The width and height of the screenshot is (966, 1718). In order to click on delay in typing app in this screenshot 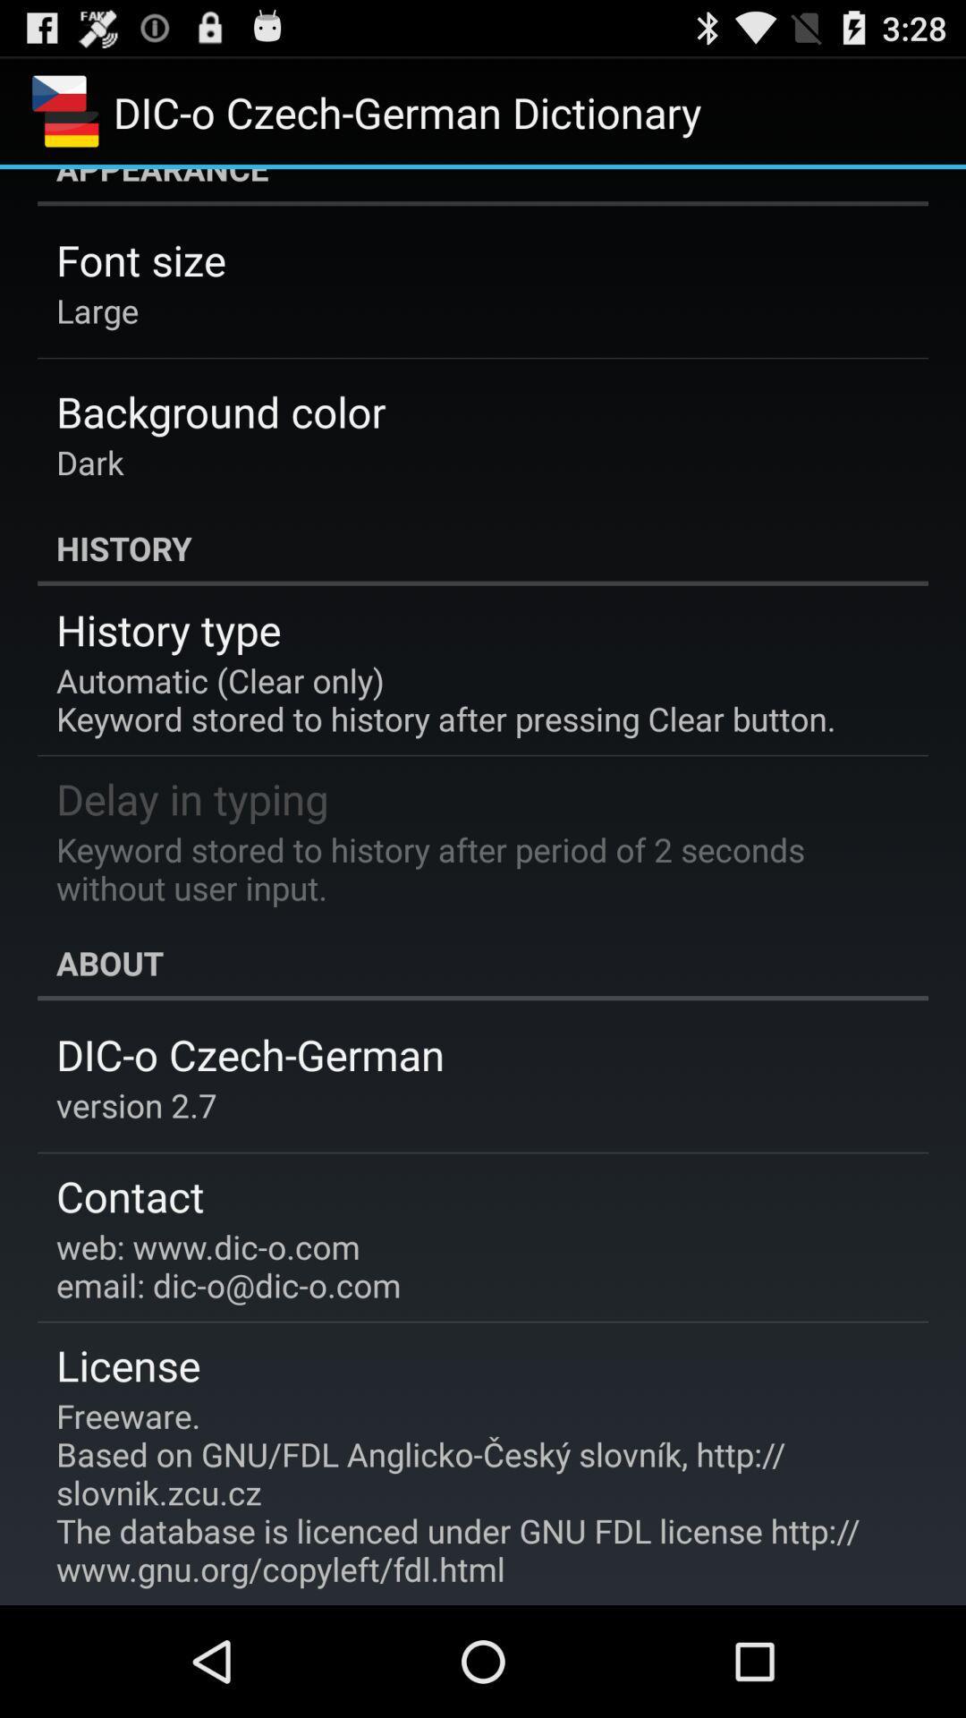, I will do `click(192, 797)`.